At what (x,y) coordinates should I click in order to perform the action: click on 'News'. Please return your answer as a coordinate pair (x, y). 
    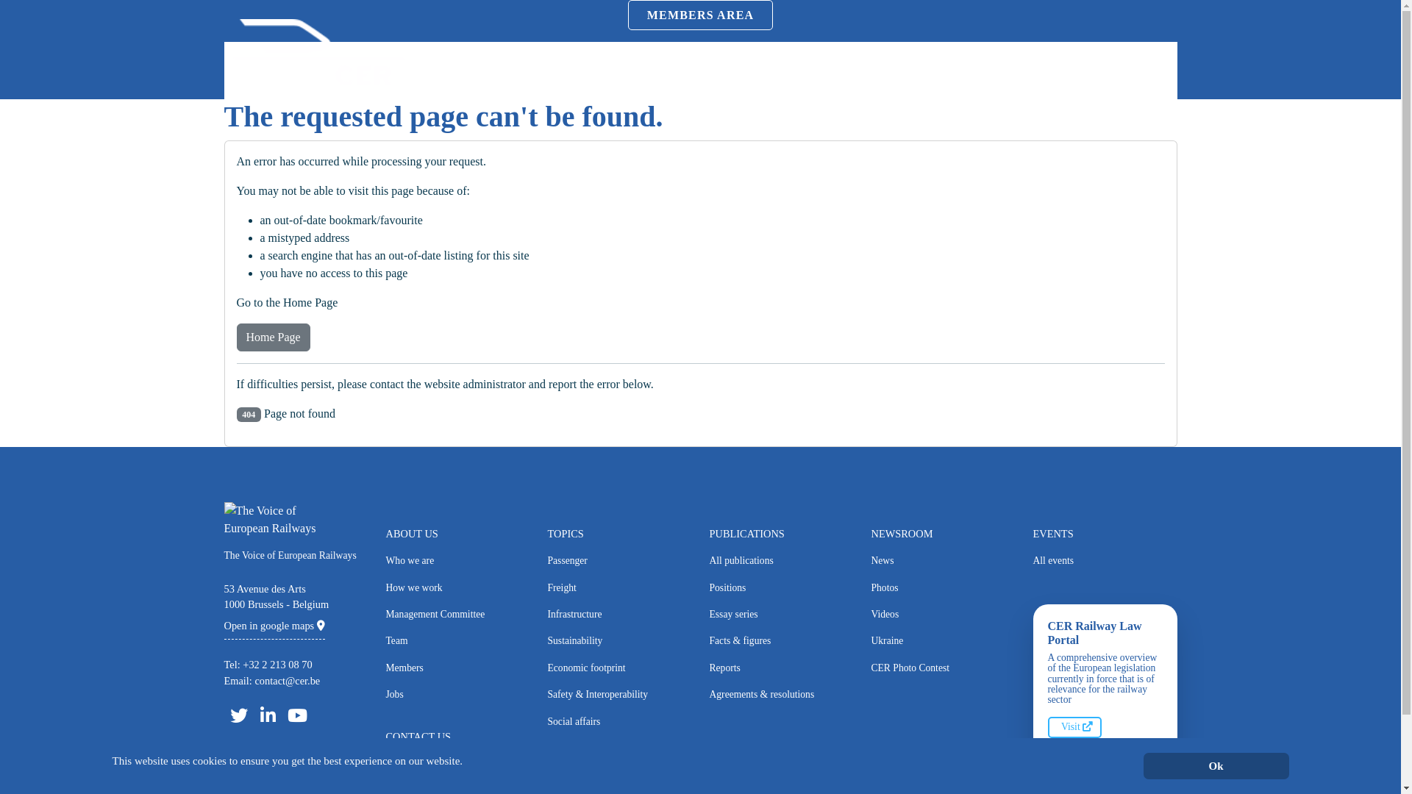
    Looking at the image, I should click on (871, 561).